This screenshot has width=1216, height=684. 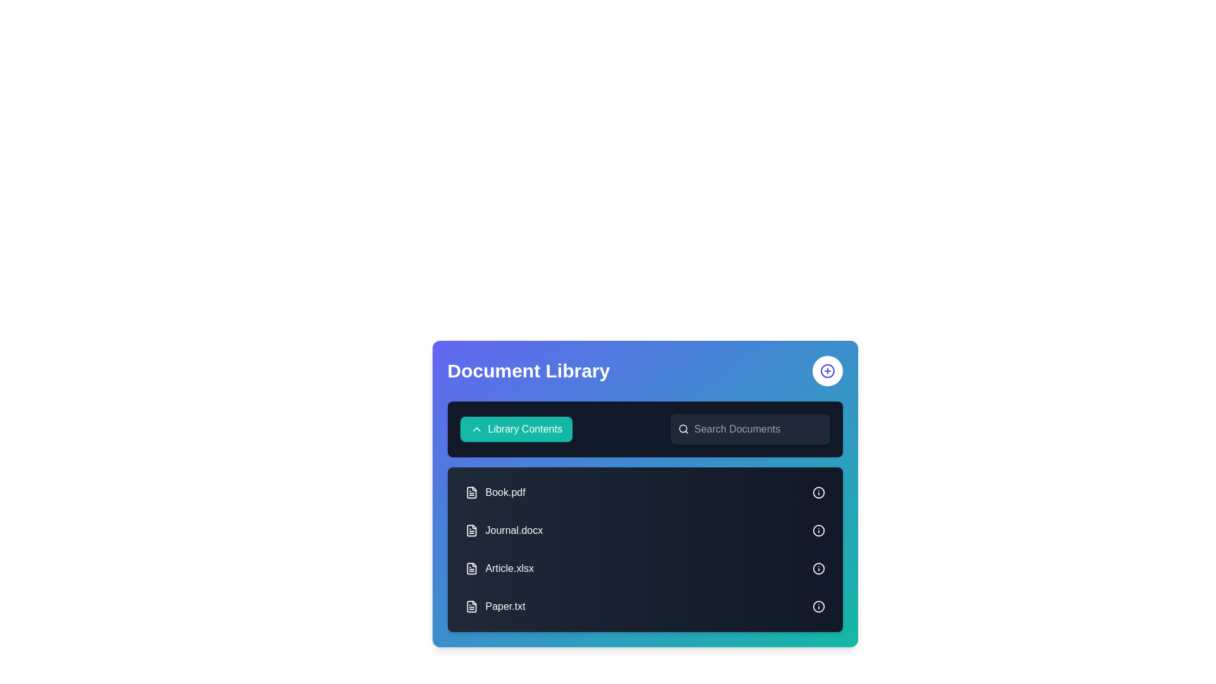 What do you see at coordinates (818, 605) in the screenshot?
I see `the bottom-most Circular SVG element in the 'Document Library' section, associated with the entry 'Paper.txt'` at bounding box center [818, 605].